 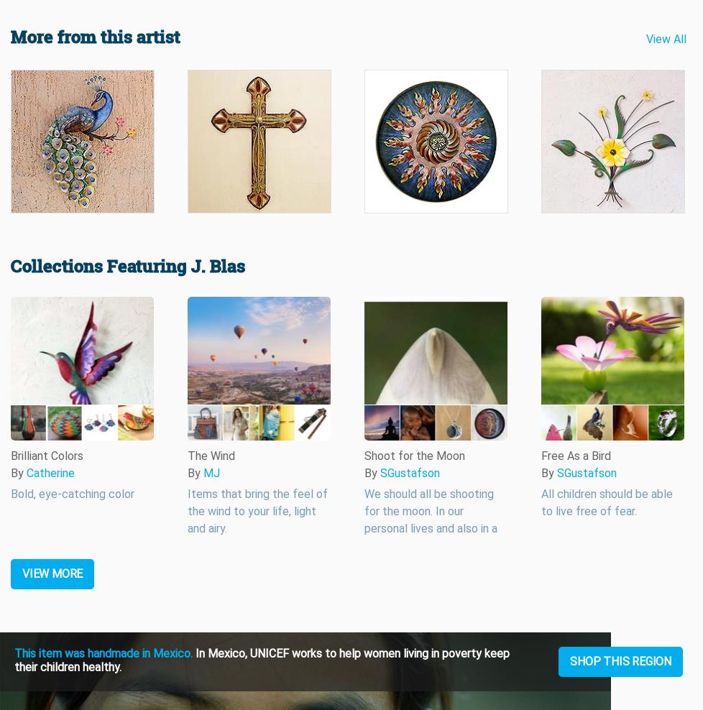 What do you see at coordinates (211, 472) in the screenshot?
I see `'MJ'` at bounding box center [211, 472].